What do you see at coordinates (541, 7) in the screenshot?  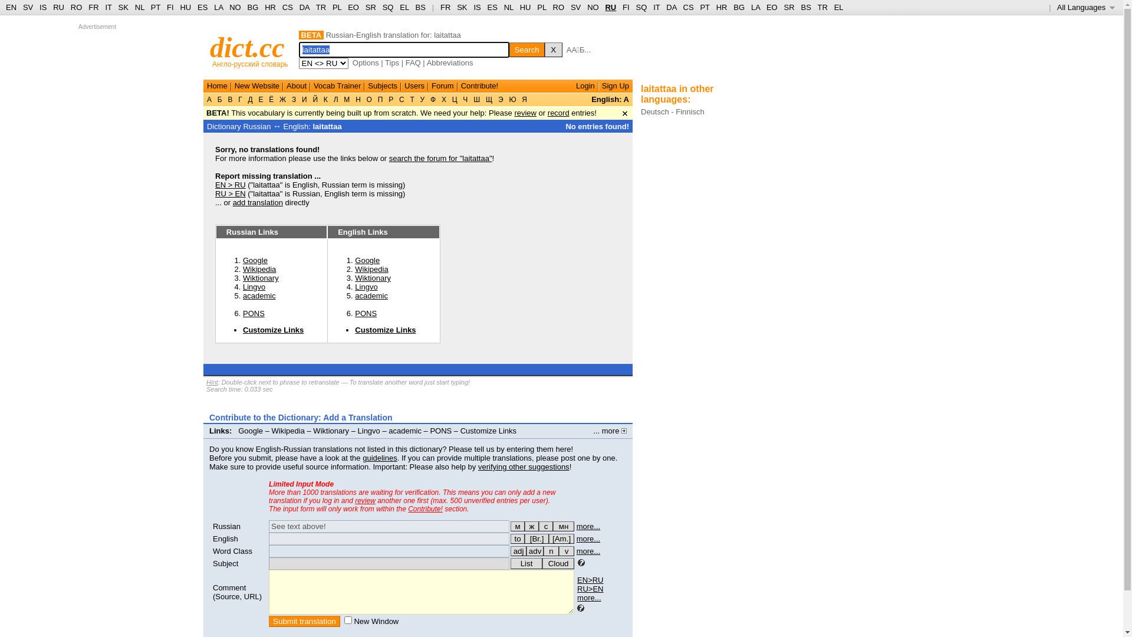 I see `'PL'` at bounding box center [541, 7].